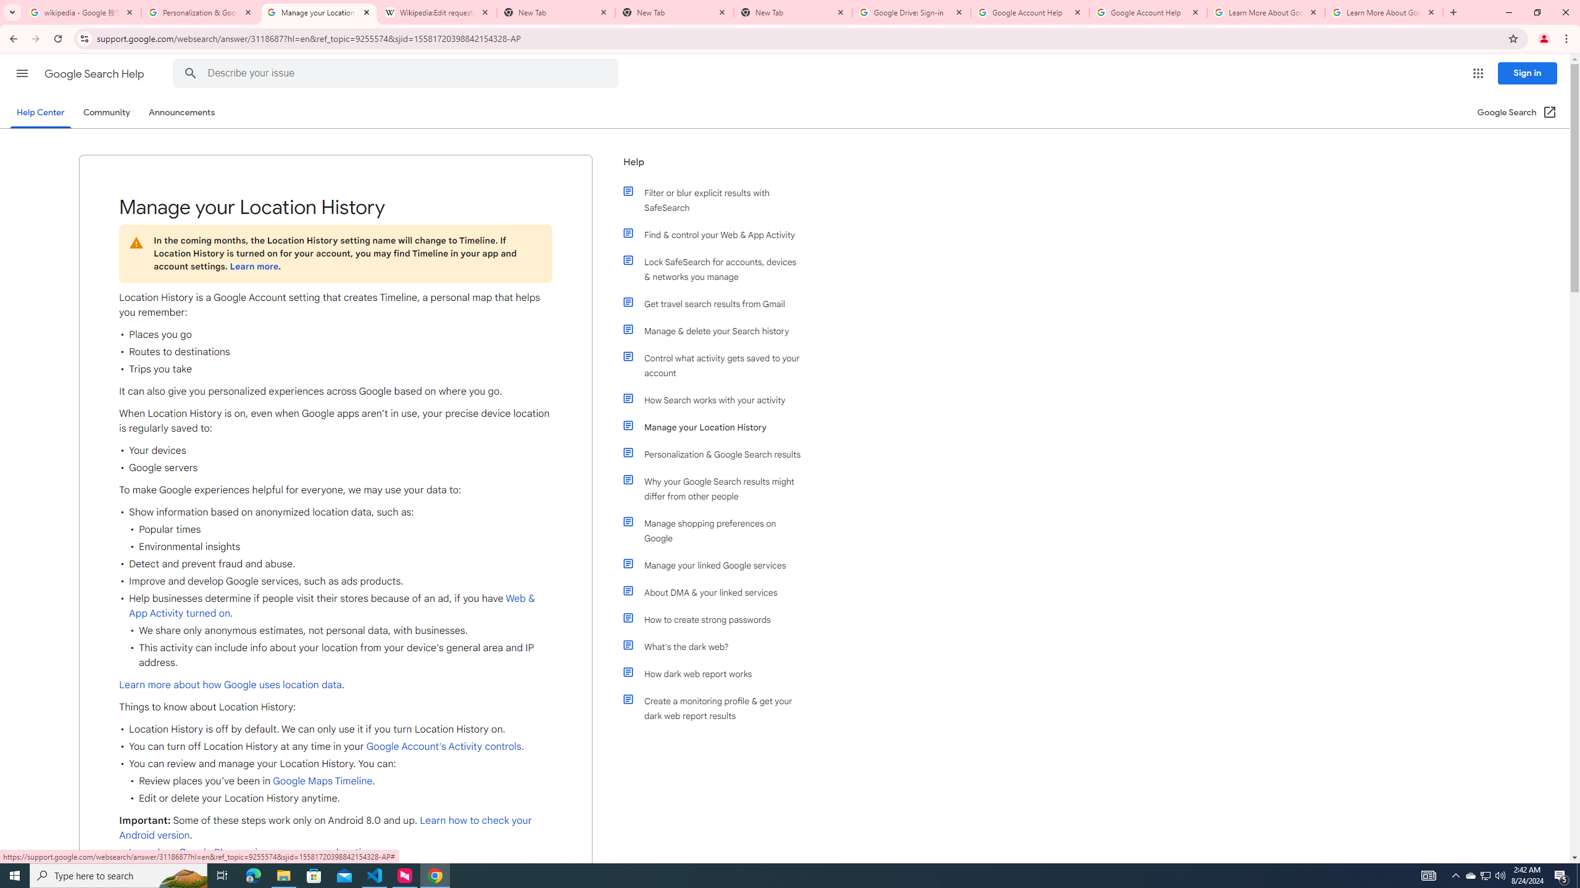  What do you see at coordinates (717, 234) in the screenshot?
I see `'Find & control your Web & App Activity'` at bounding box center [717, 234].